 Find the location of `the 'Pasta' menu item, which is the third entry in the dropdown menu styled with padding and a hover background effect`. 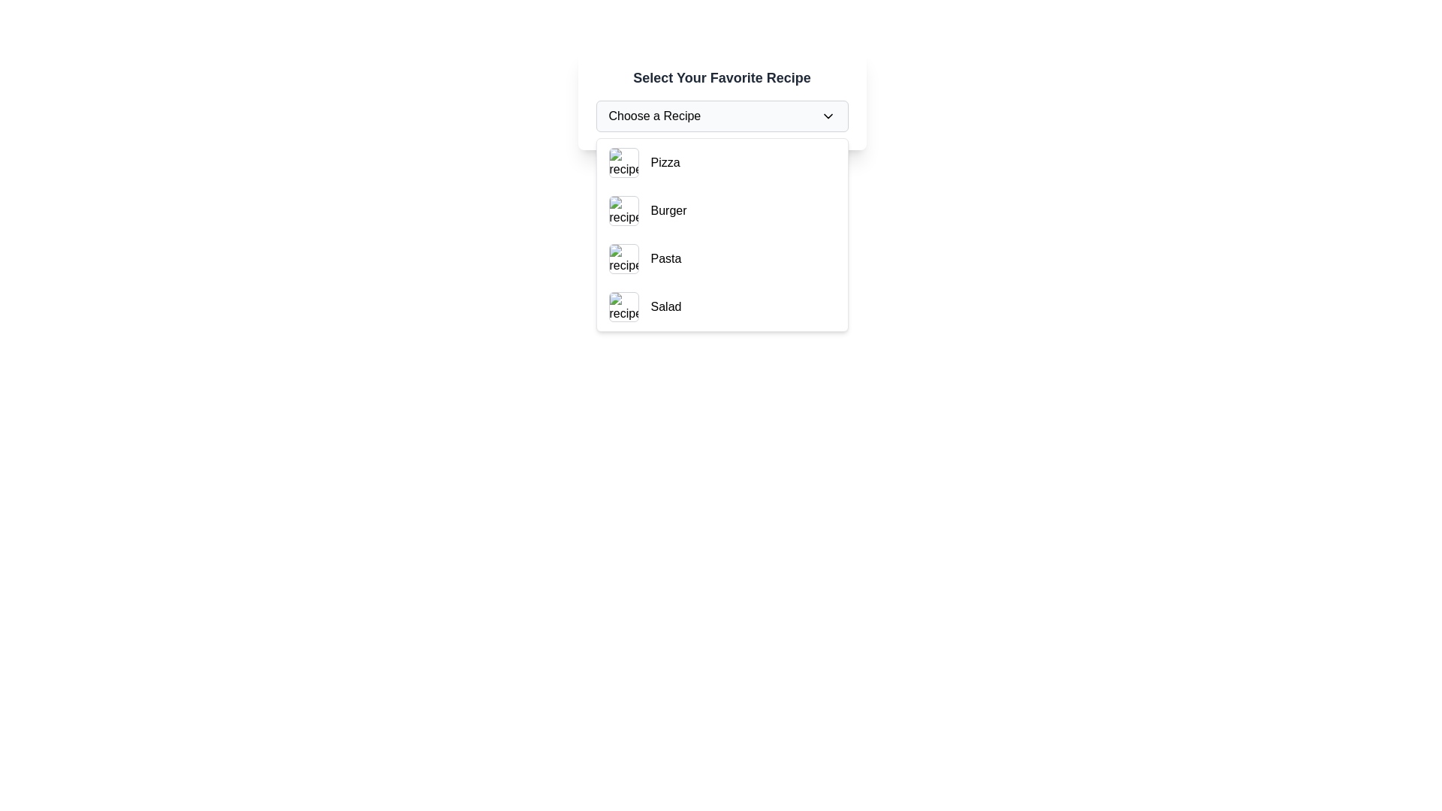

the 'Pasta' menu item, which is the third entry in the dropdown menu styled with padding and a hover background effect is located at coordinates (722, 258).